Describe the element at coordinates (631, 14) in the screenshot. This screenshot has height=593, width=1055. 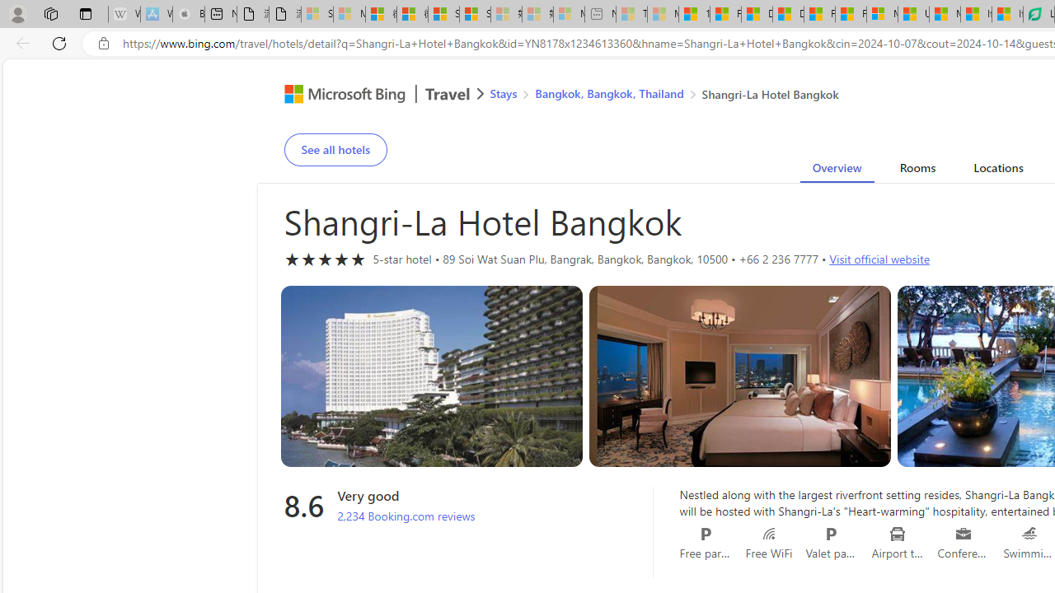
I see `'Top Stories - MSN - Sleeping'` at that location.